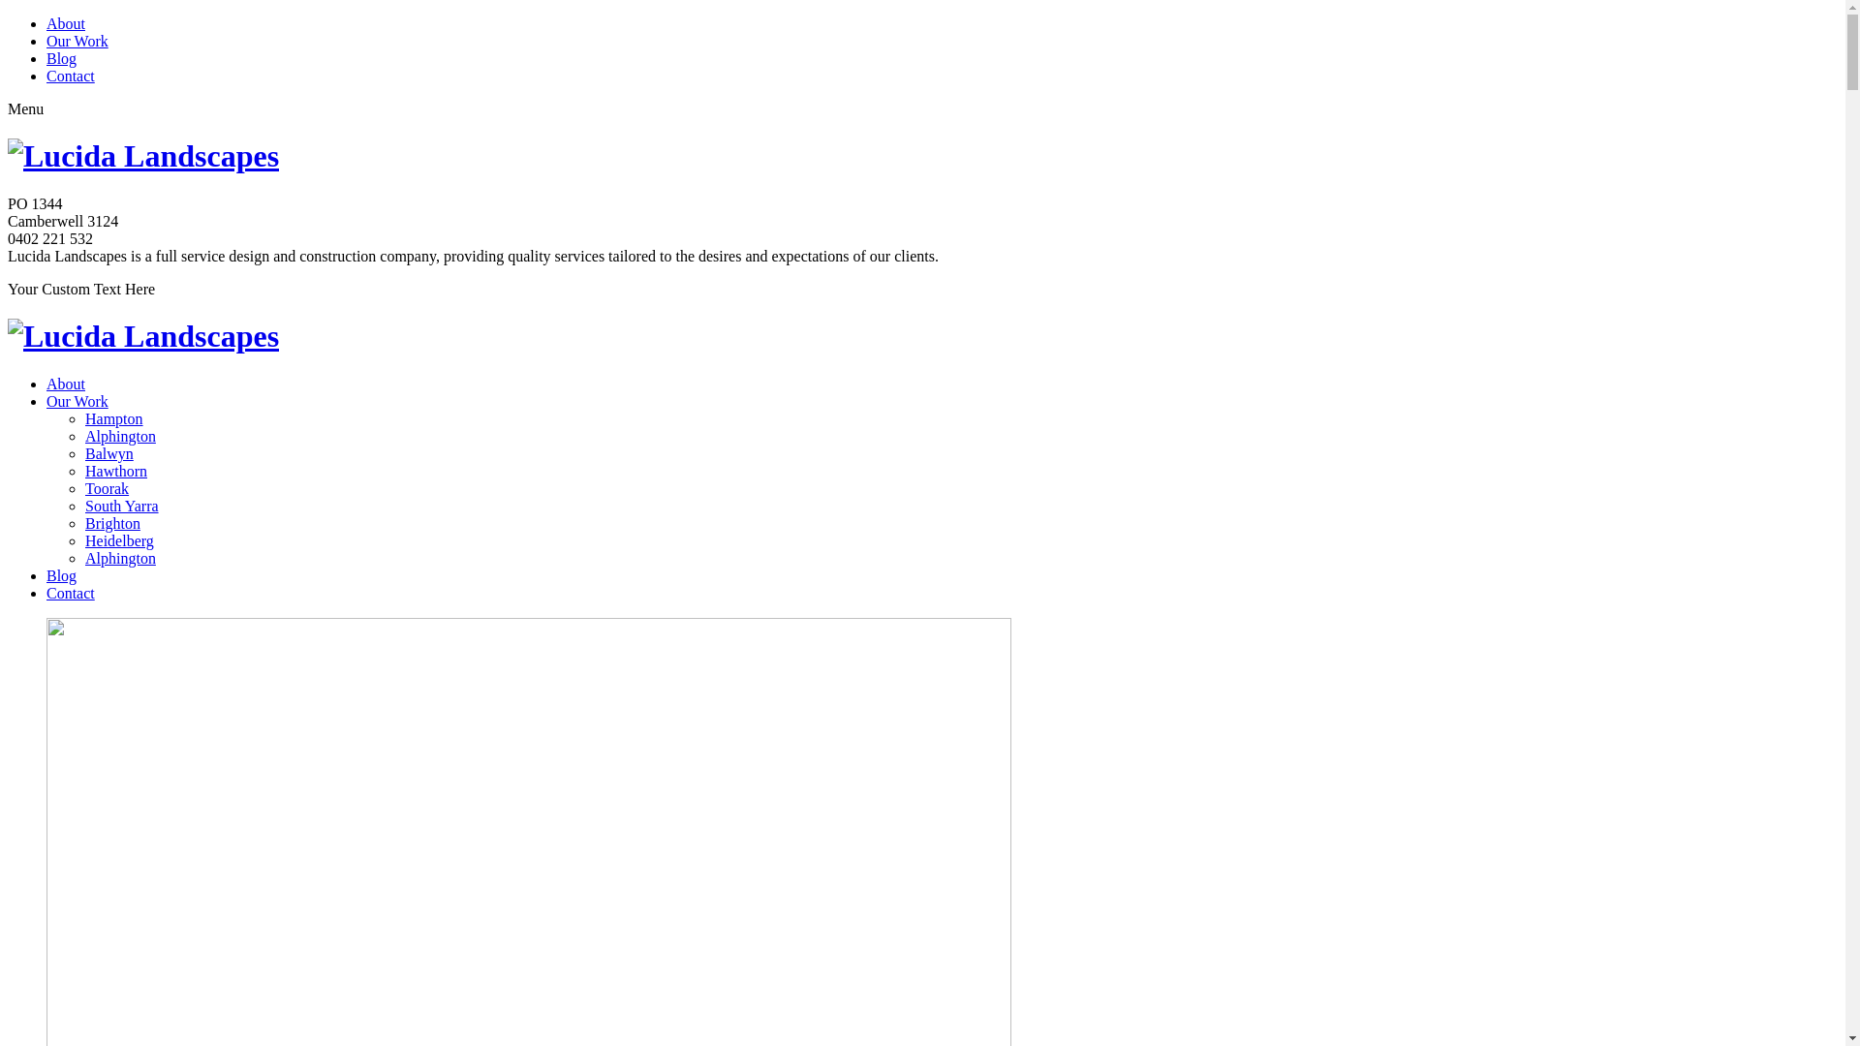  Describe the element at coordinates (119, 436) in the screenshot. I see `'Alphington'` at that location.